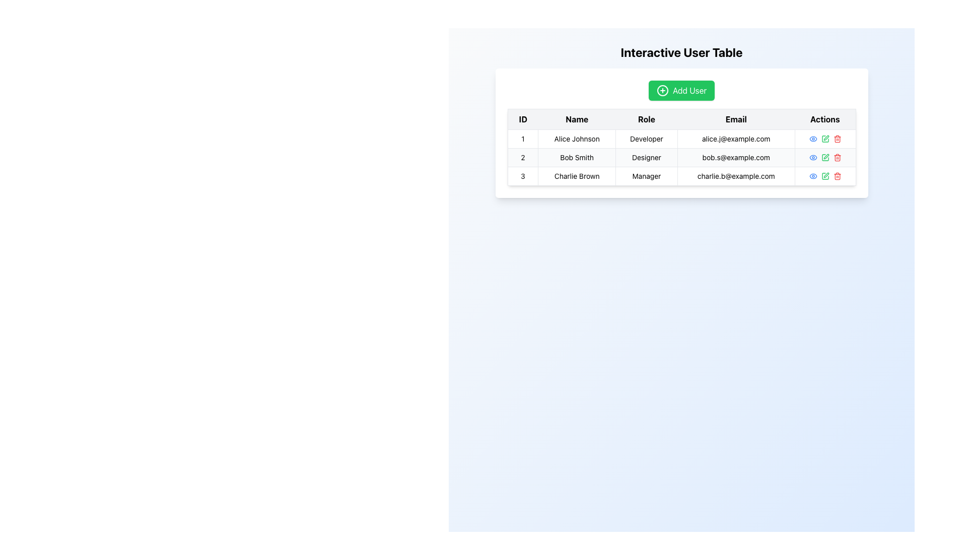  Describe the element at coordinates (825, 139) in the screenshot. I see `the leftmost action icon representing edit functionality in the user table for the third entry (Charlie Brown)` at that location.